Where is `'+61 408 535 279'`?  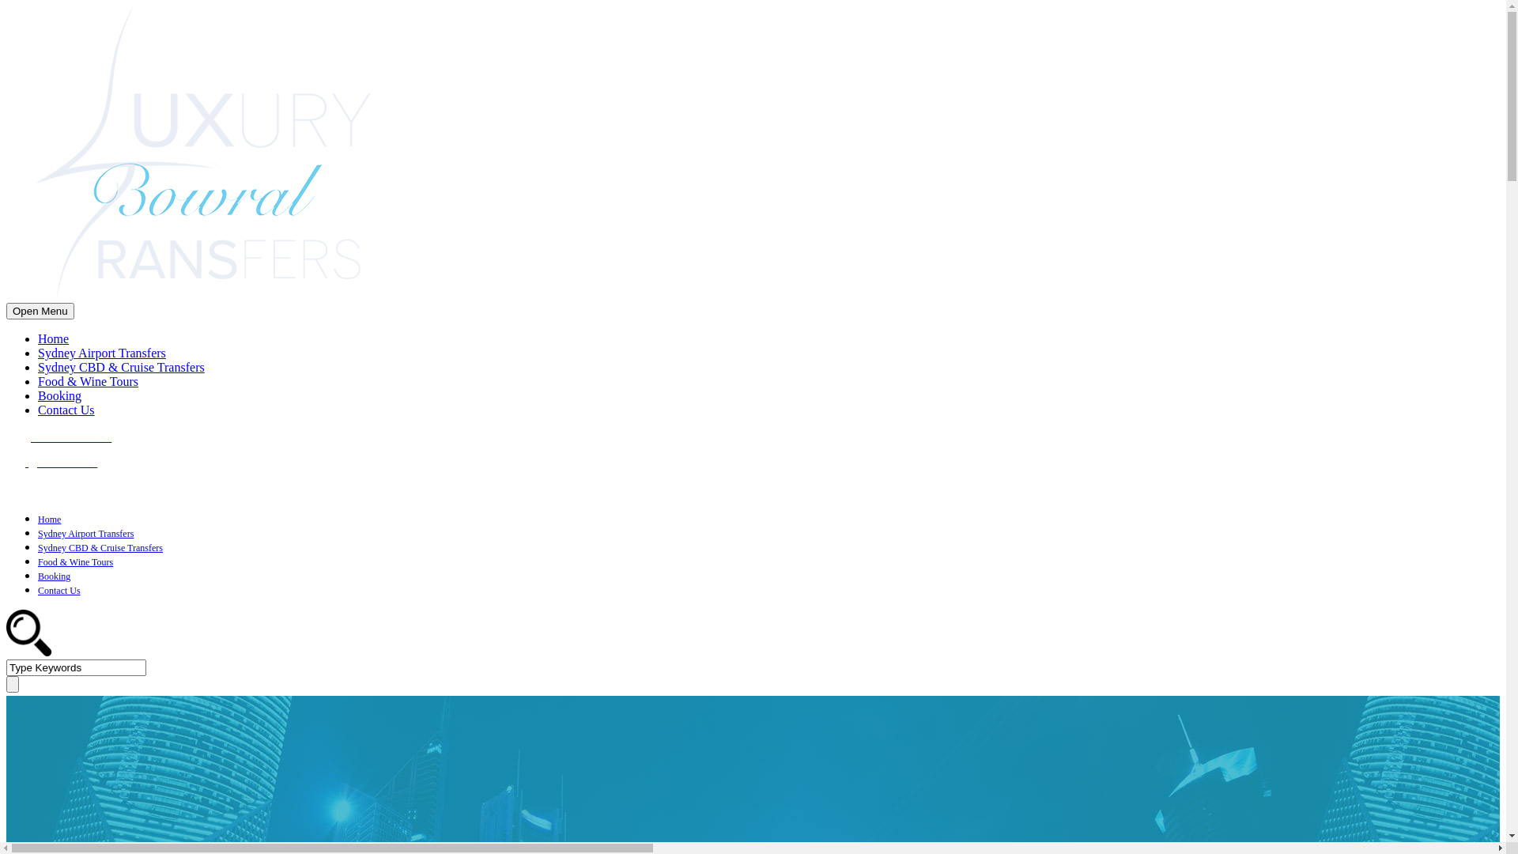 '+61 408 535 279' is located at coordinates (752, 442).